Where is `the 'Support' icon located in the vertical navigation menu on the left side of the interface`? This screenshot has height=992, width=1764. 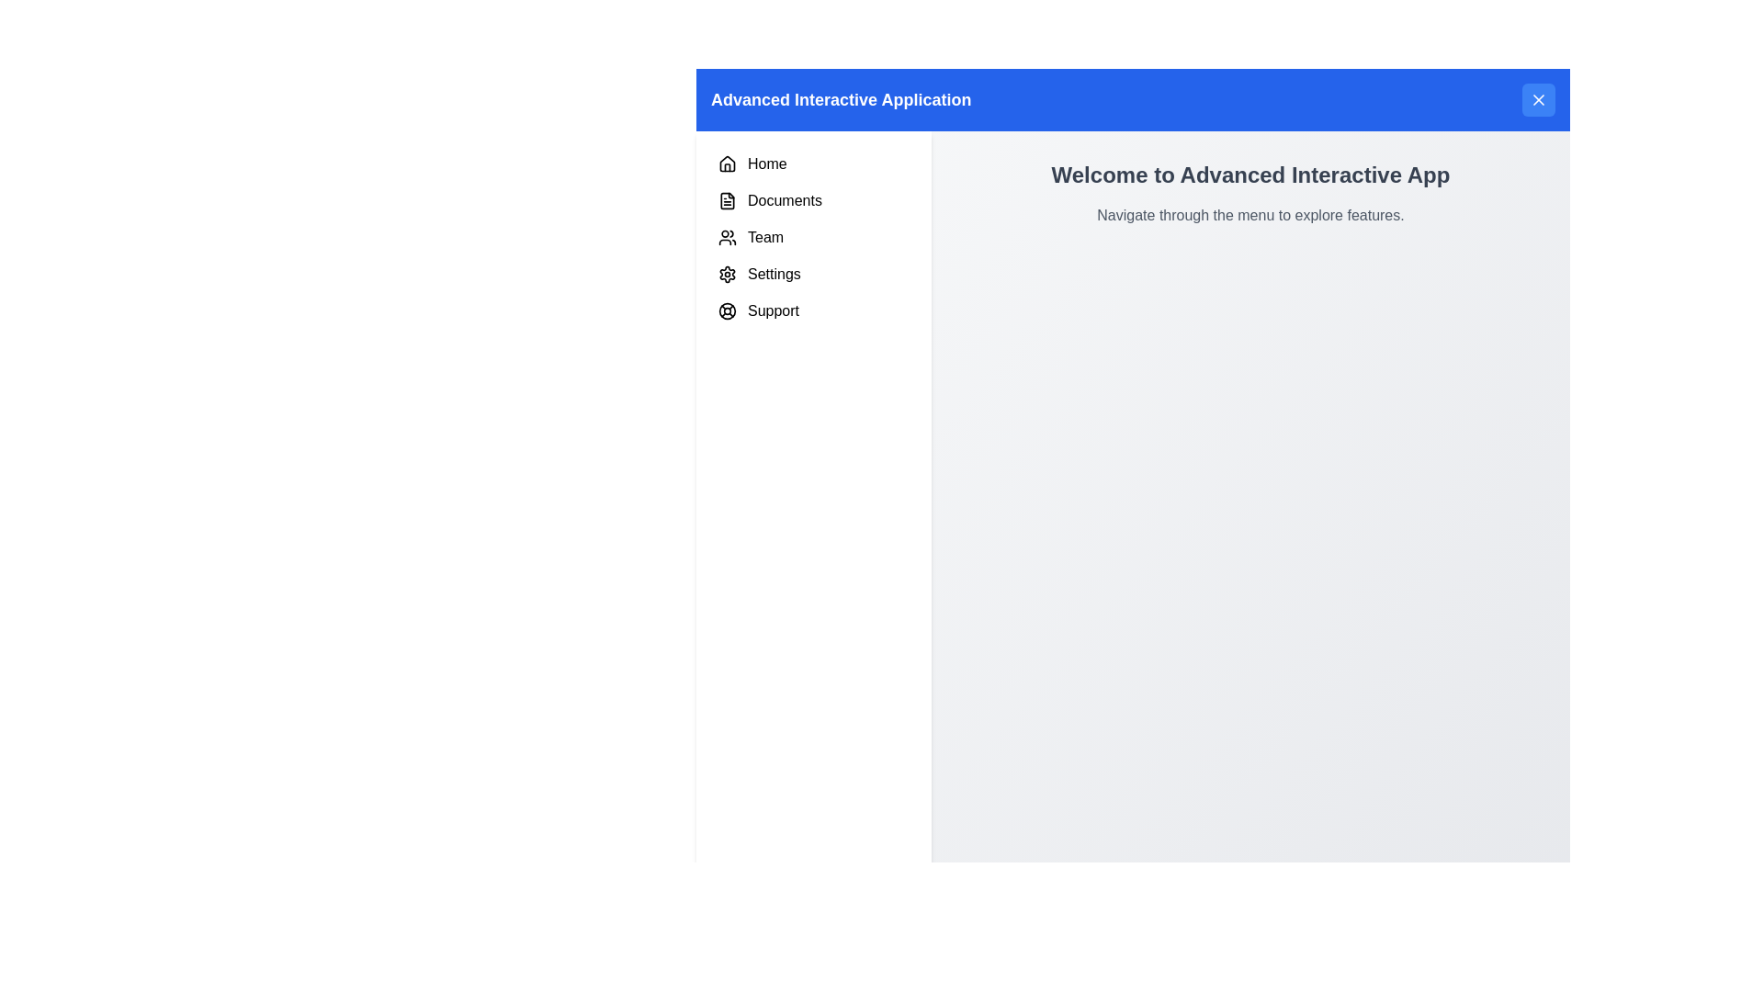
the 'Support' icon located in the vertical navigation menu on the left side of the interface is located at coordinates (727, 310).